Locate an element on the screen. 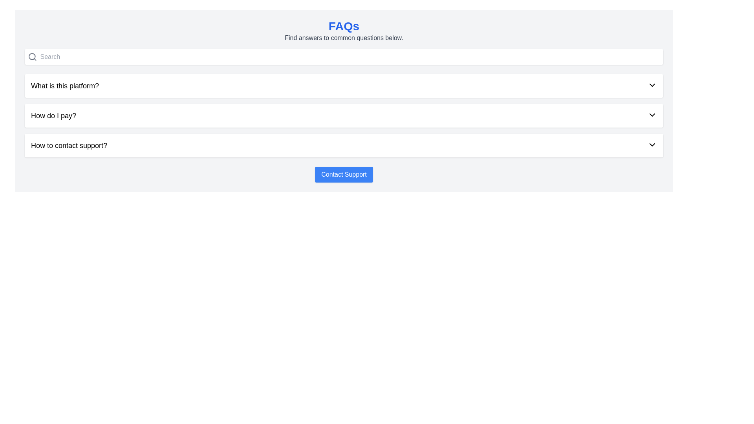 The width and height of the screenshot is (754, 424). the header text element that displays 'FAQs' in bold, large blue font, which is located at the top of the page's content area is located at coordinates (344, 26).